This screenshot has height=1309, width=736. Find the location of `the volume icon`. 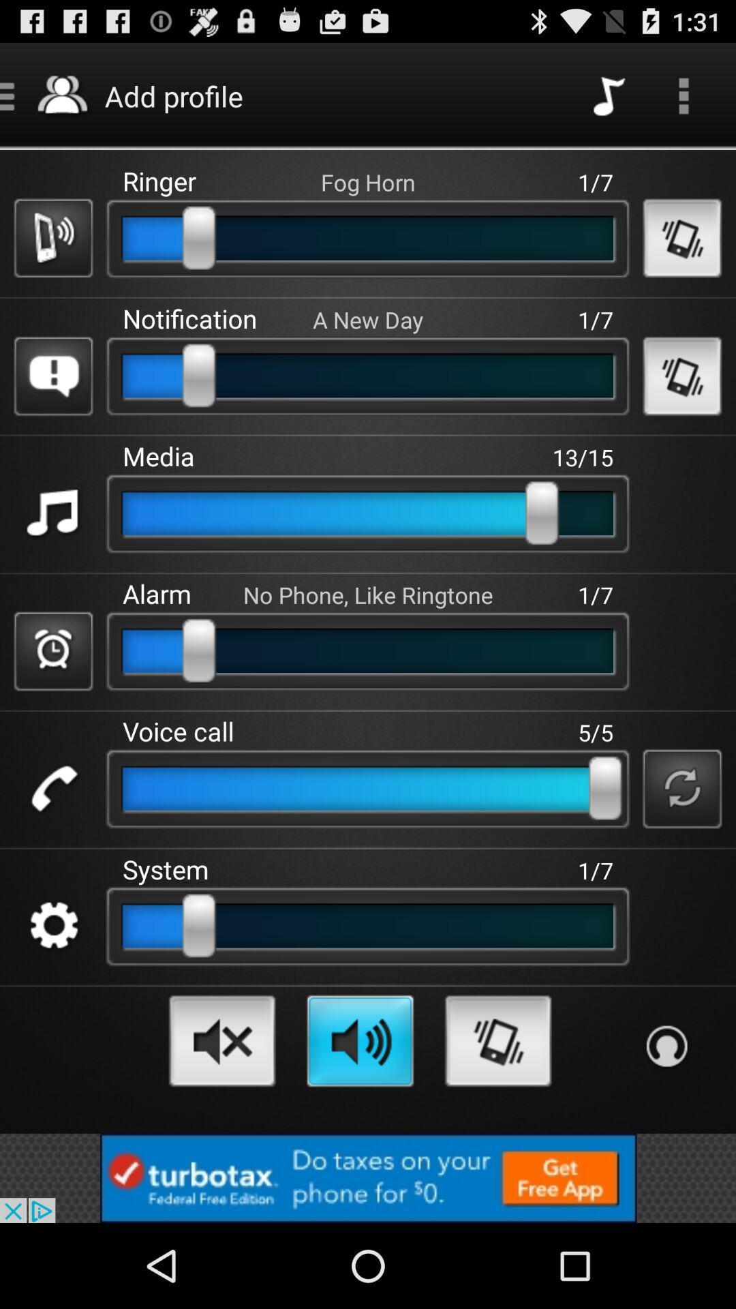

the volume icon is located at coordinates (221, 1114).